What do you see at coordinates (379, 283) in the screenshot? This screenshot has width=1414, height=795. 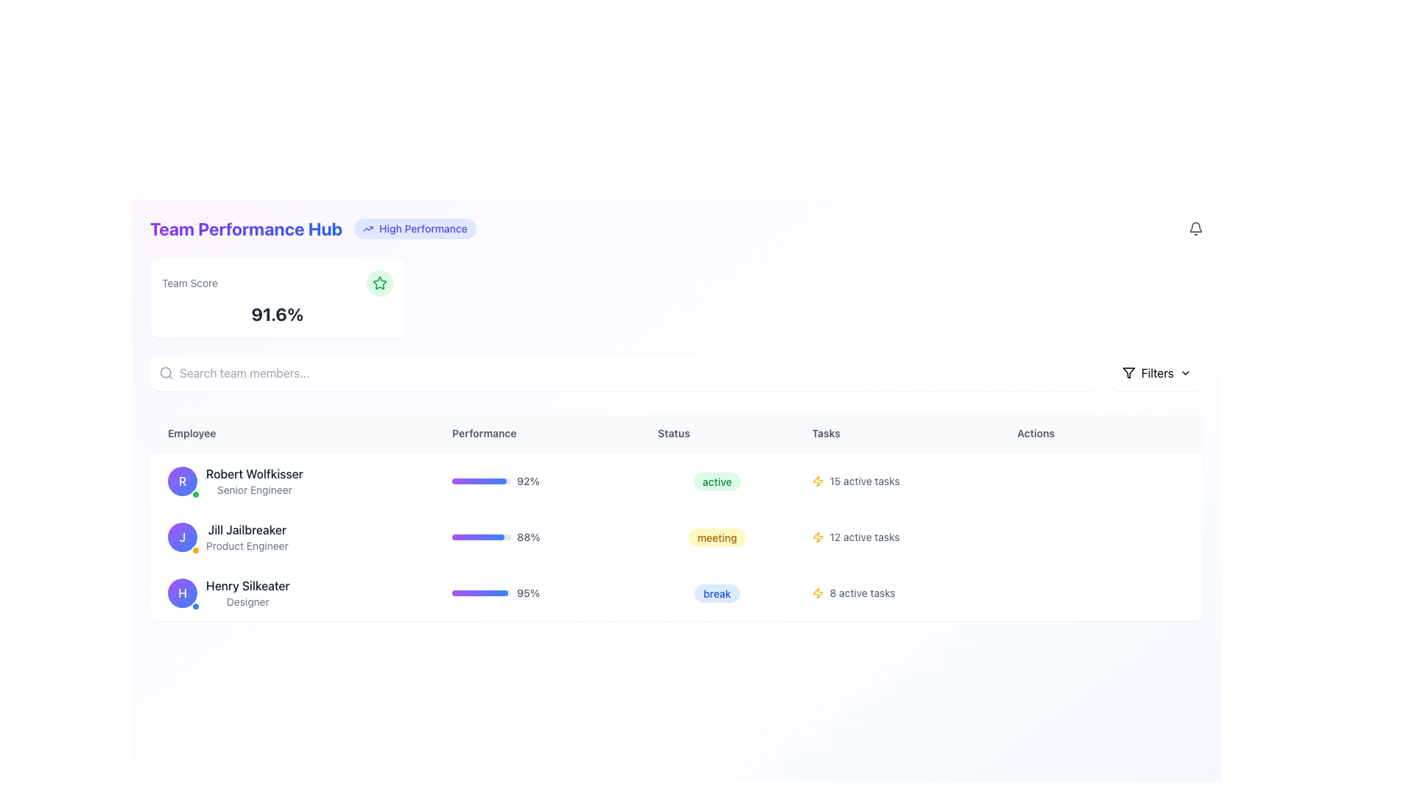 I see `the significance of the green outlined star icon located within a light green circular background, positioned to the right of the 'Team Score' card` at bounding box center [379, 283].